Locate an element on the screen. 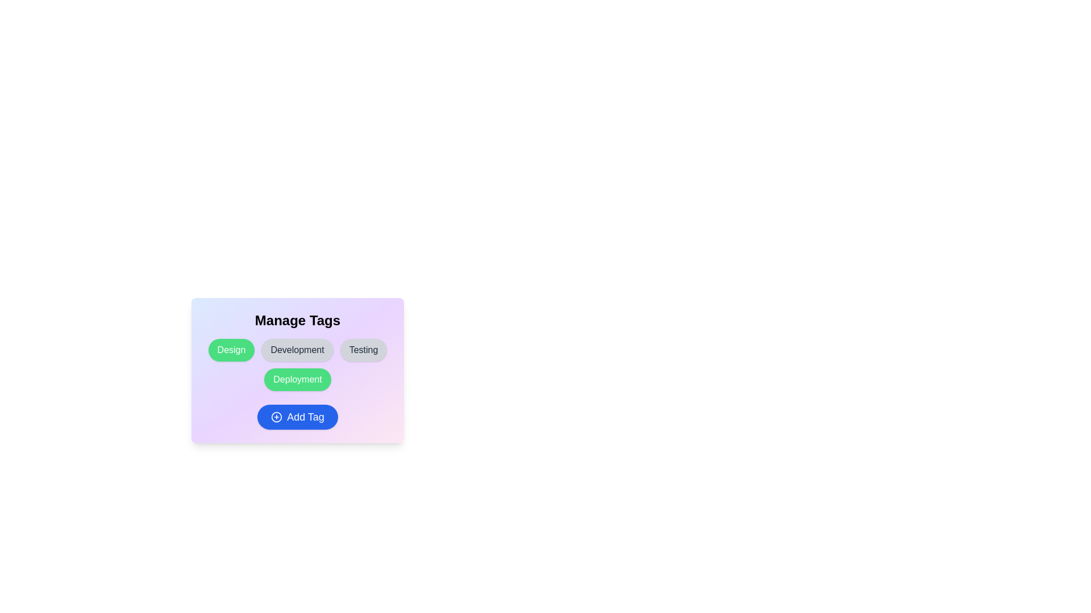 The height and width of the screenshot is (613, 1091). the tag chip labeled Design is located at coordinates (231, 350).